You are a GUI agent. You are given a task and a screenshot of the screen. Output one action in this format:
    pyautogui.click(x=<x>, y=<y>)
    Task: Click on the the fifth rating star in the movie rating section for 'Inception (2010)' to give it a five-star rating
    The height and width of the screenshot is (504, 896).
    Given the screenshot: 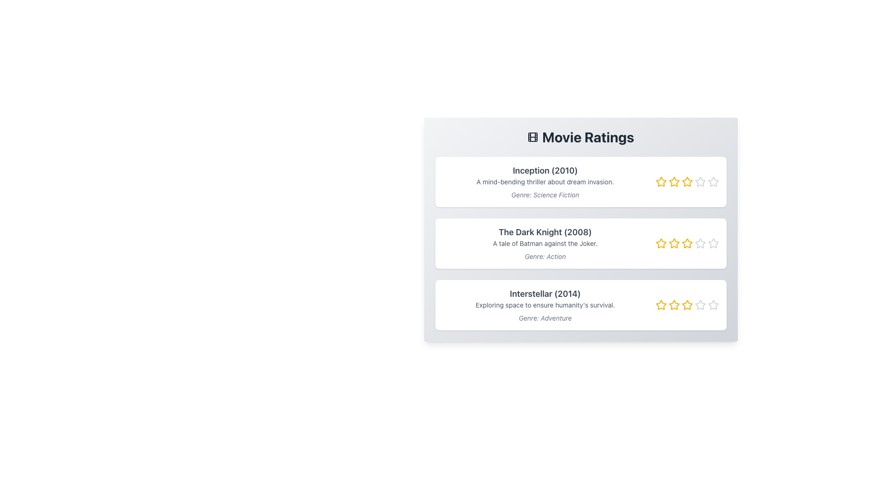 What is the action you would take?
    pyautogui.click(x=712, y=182)
    